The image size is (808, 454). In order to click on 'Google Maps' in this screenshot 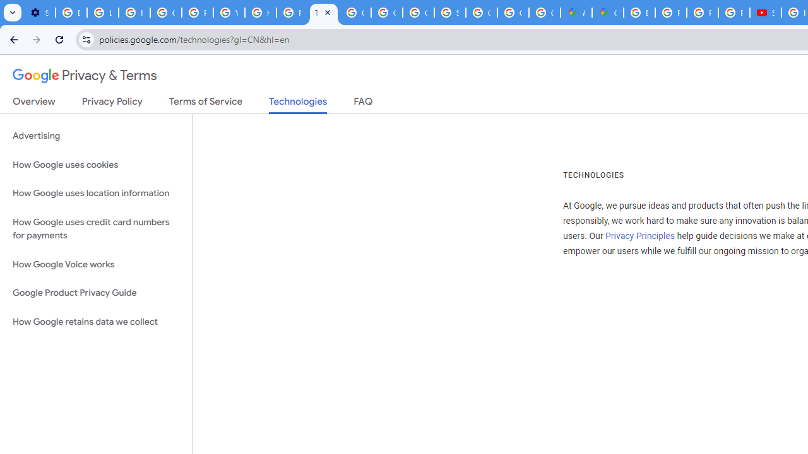, I will do `click(608, 13)`.